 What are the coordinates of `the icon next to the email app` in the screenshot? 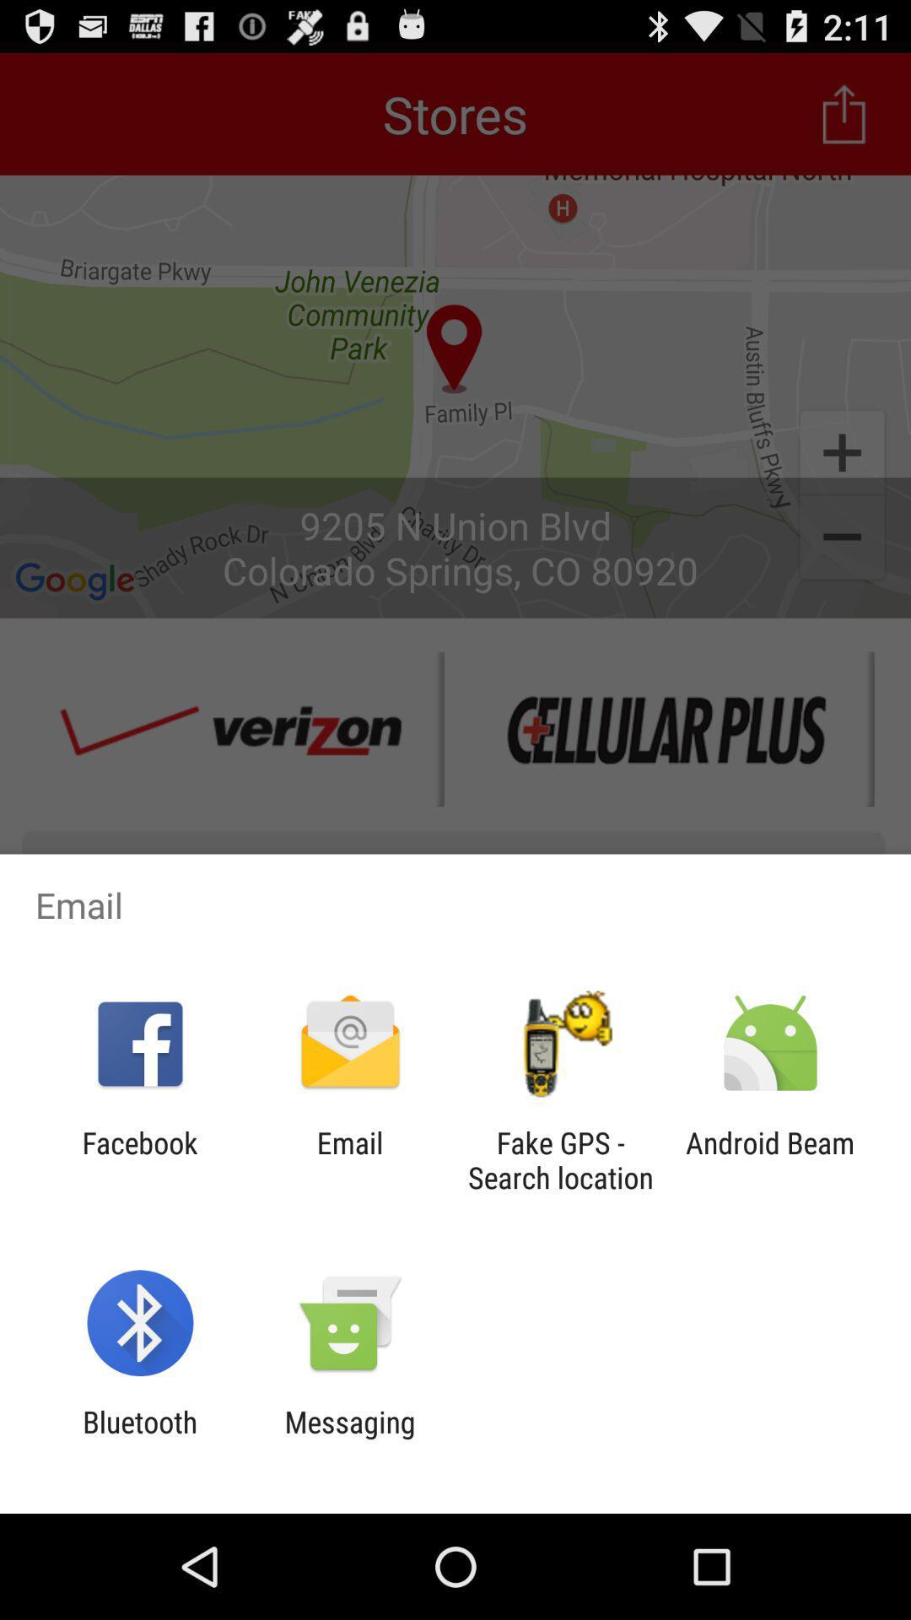 It's located at (139, 1159).